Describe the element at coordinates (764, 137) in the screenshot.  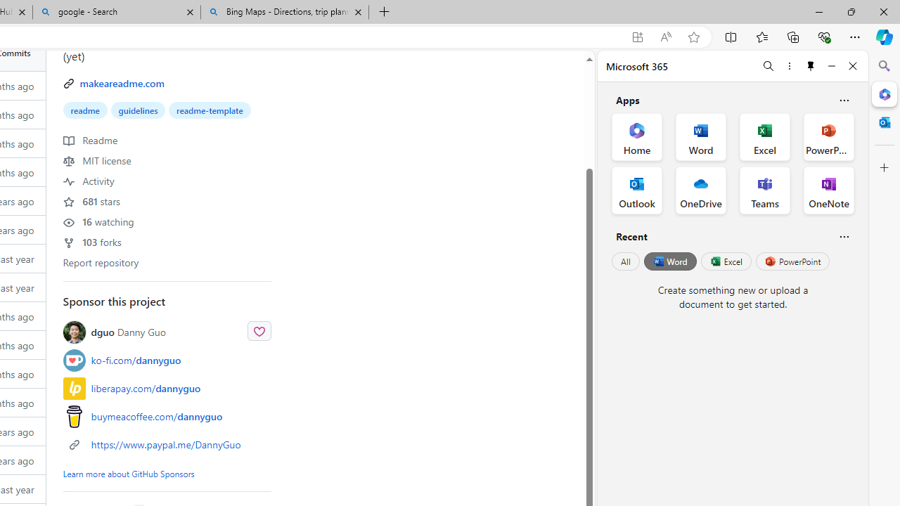
I see `'Excel Office App'` at that location.